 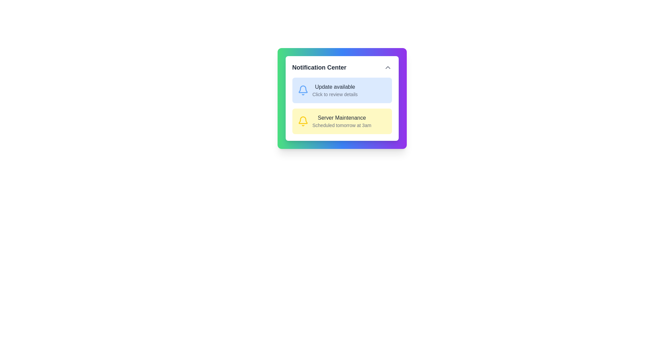 I want to click on the text label displaying 'Server Maintenance' located in the Notification Center card, which is aligned to the left edge and has a dark gray font on a pale yellow background, so click(x=342, y=118).